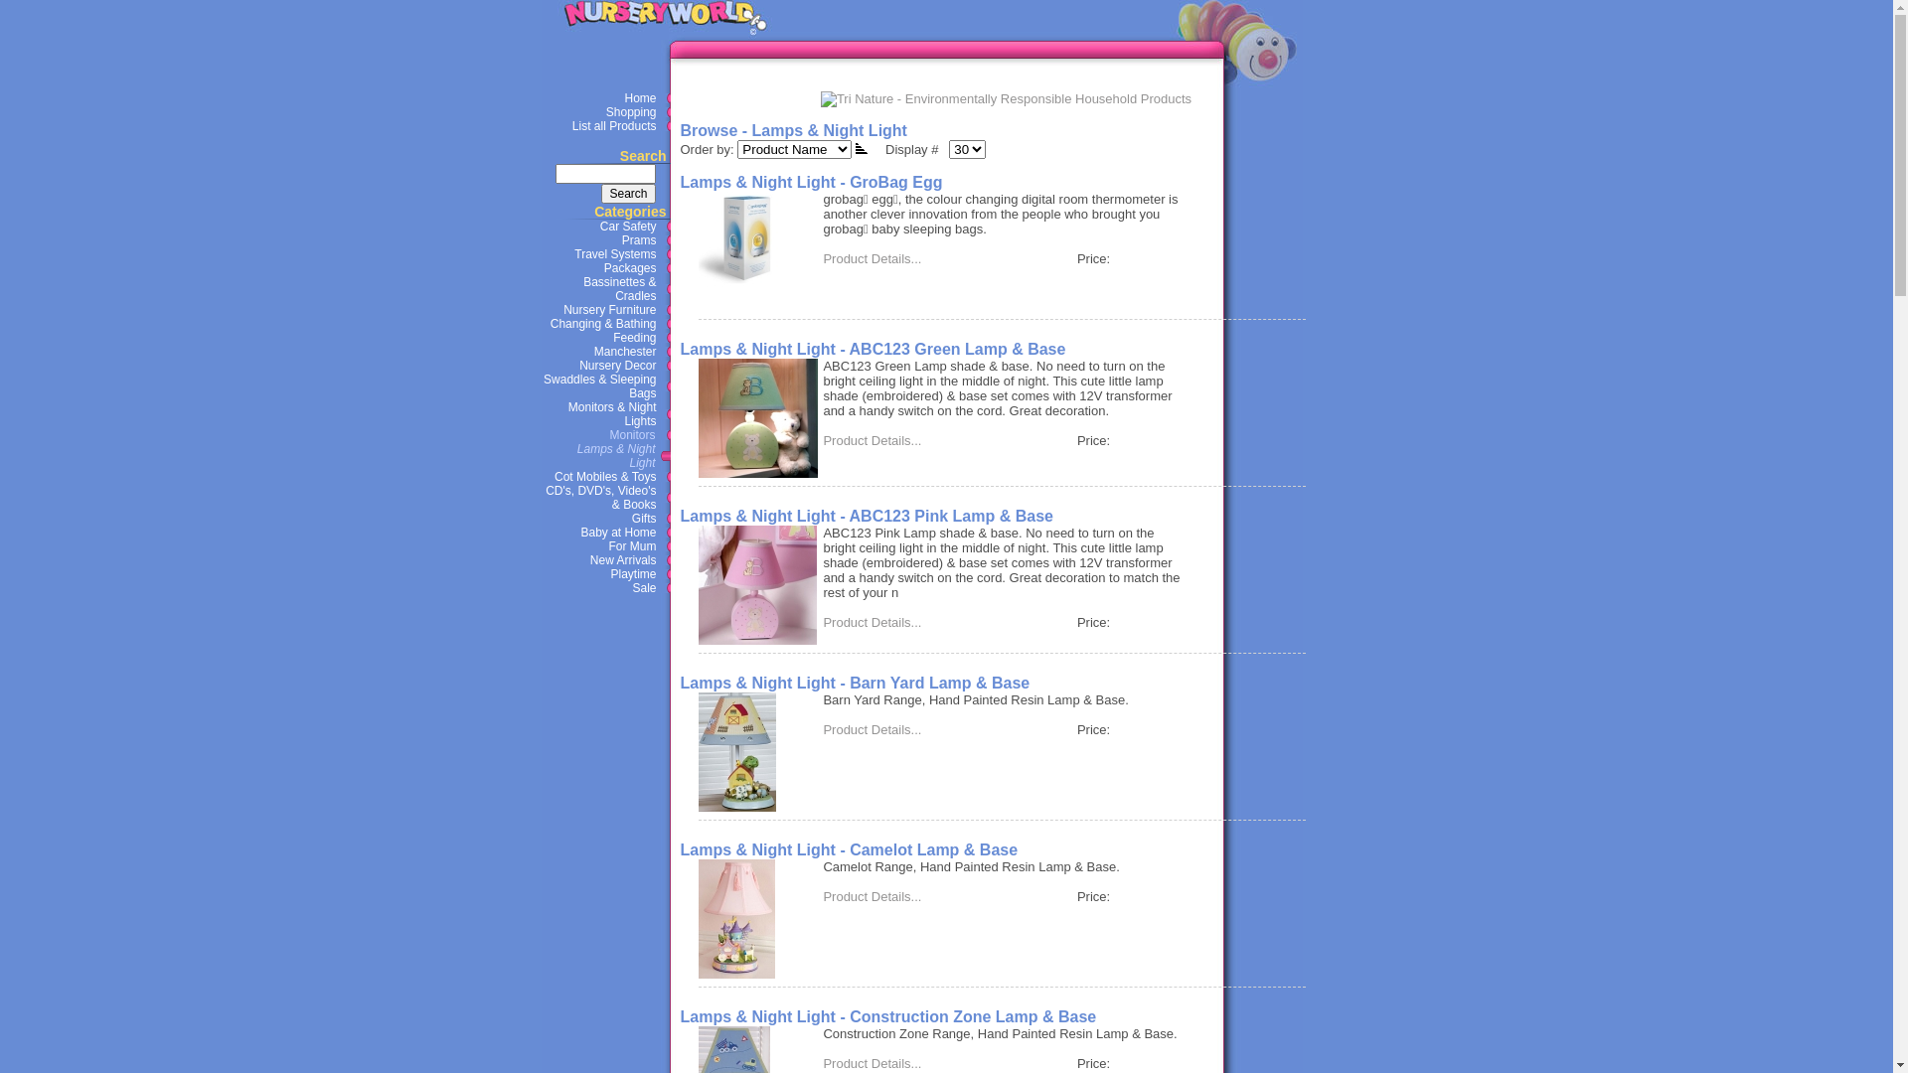 This screenshot has width=1908, height=1073. Describe the element at coordinates (604, 517) in the screenshot. I see `'Gifts'` at that location.